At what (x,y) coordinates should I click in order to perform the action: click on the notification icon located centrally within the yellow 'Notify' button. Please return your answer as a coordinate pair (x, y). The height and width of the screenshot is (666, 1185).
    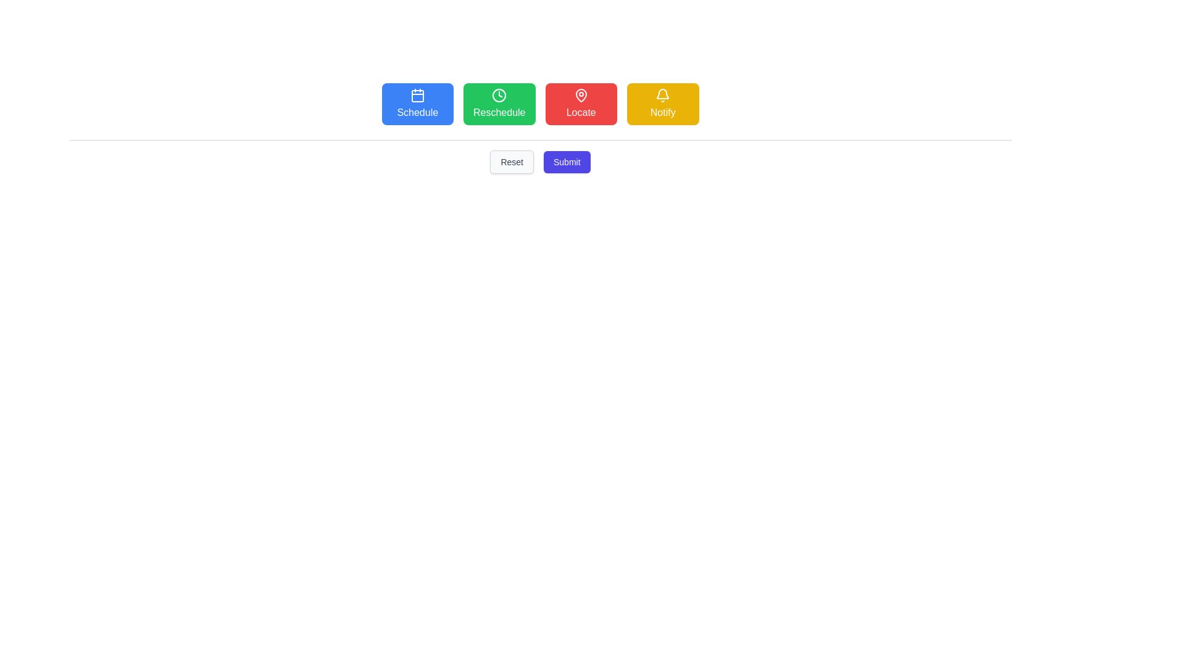
    Looking at the image, I should click on (662, 93).